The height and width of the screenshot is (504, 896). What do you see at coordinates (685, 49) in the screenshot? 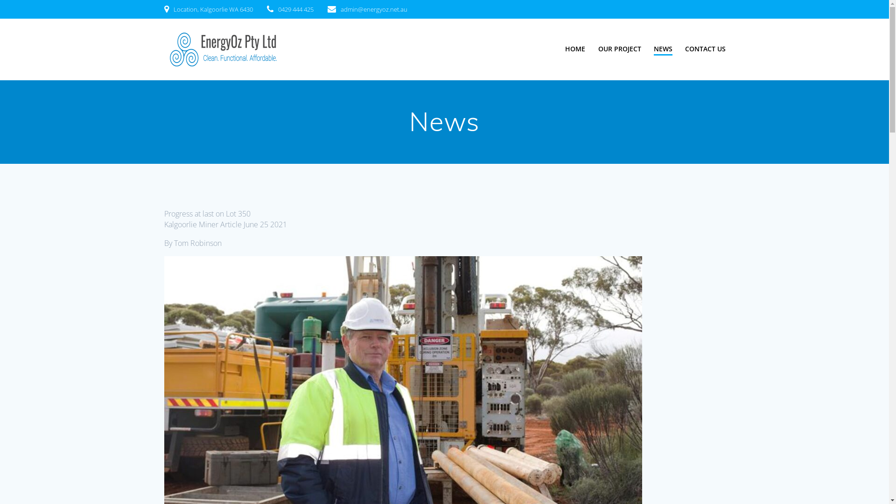
I see `'CONTACT US'` at bounding box center [685, 49].